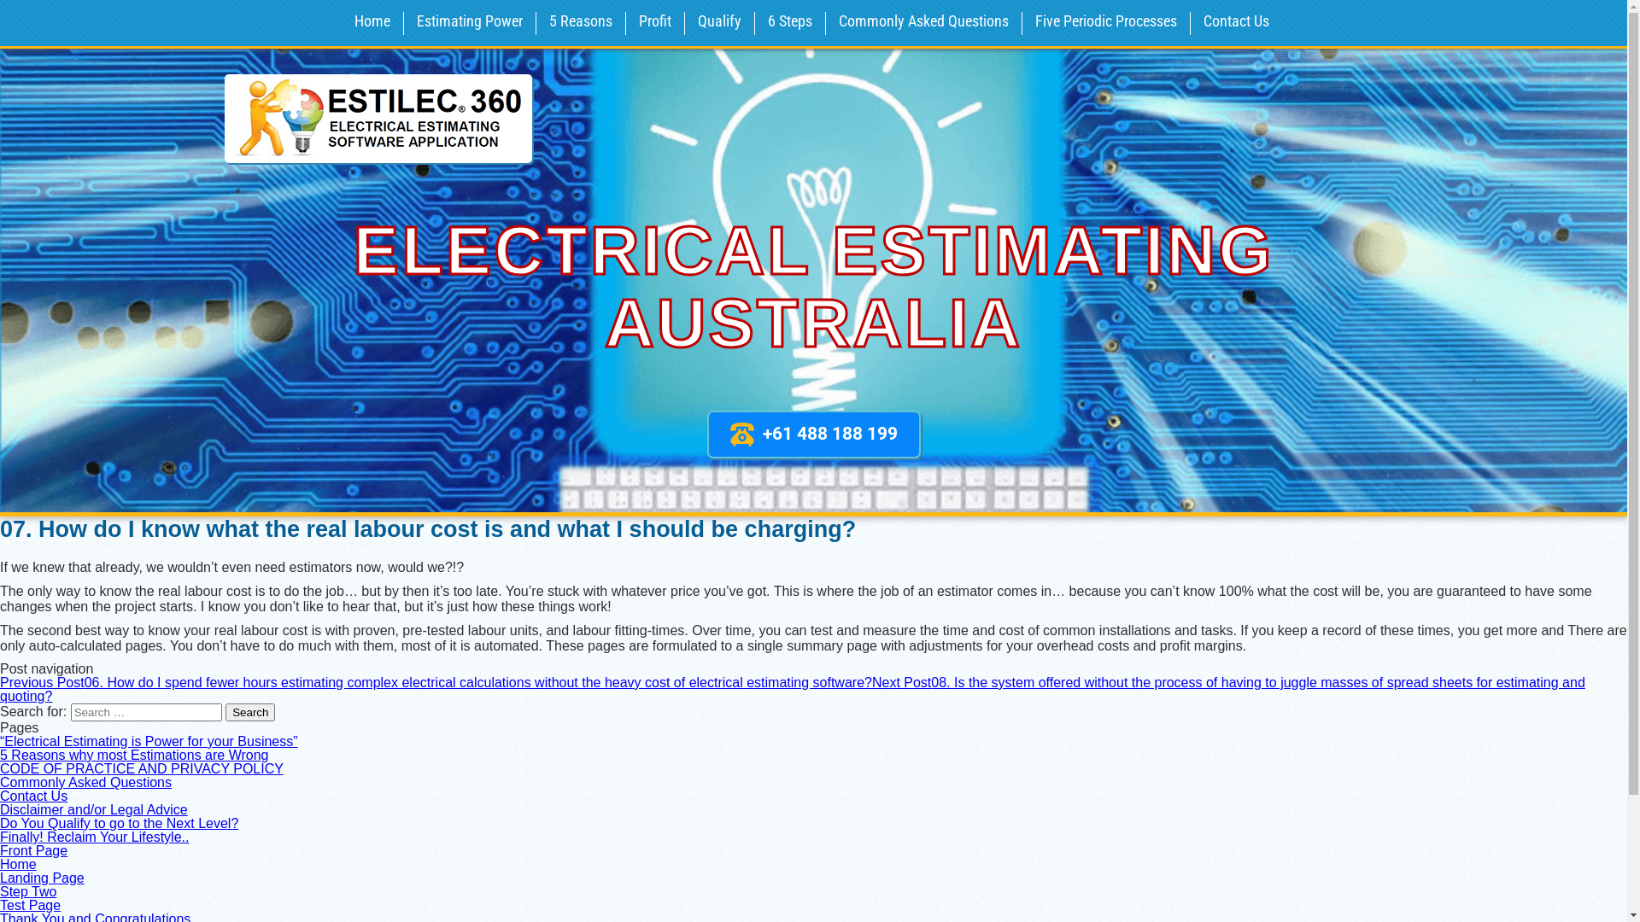  Describe the element at coordinates (118, 822) in the screenshot. I see `'Do You Qualify to go to the Next Level?'` at that location.